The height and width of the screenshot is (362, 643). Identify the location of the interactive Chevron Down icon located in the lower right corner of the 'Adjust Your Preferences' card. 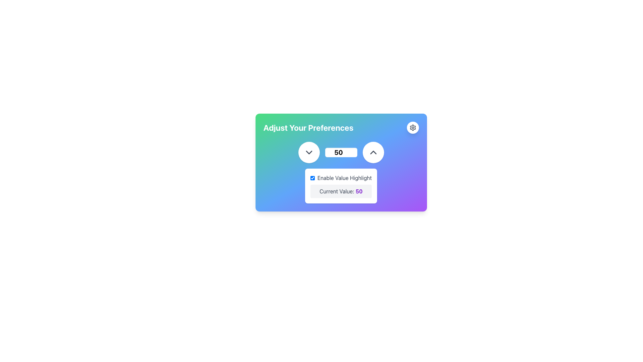
(308, 153).